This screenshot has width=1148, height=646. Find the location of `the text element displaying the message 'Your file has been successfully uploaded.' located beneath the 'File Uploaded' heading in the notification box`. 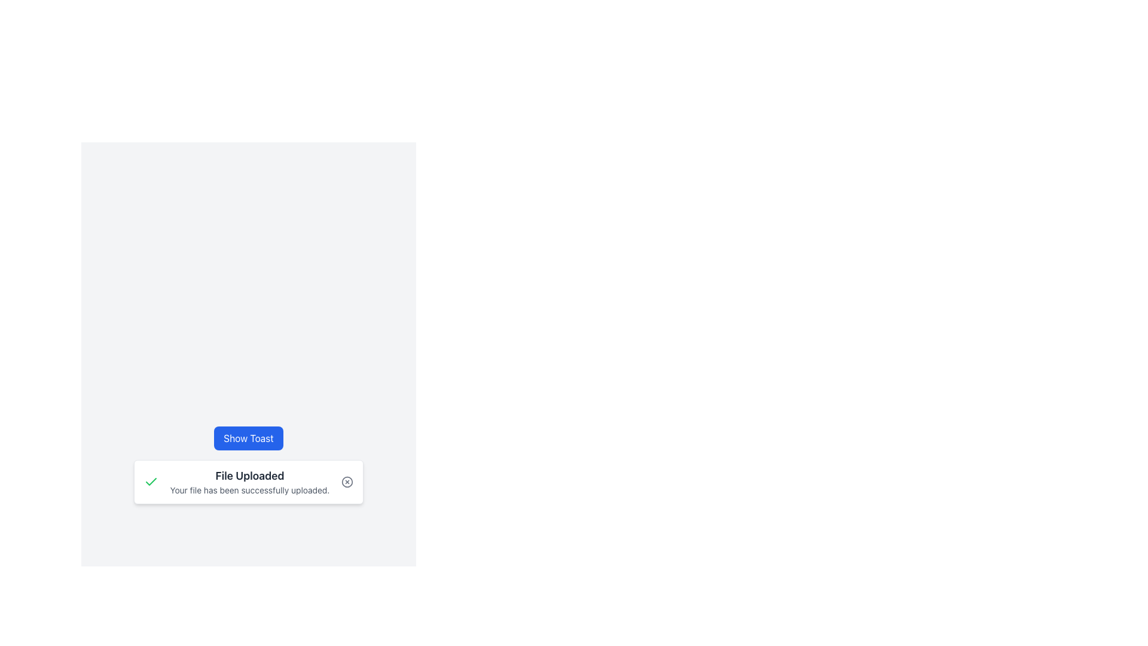

the text element displaying the message 'Your file has been successfully uploaded.' located beneath the 'File Uploaded' heading in the notification box is located at coordinates (249, 490).